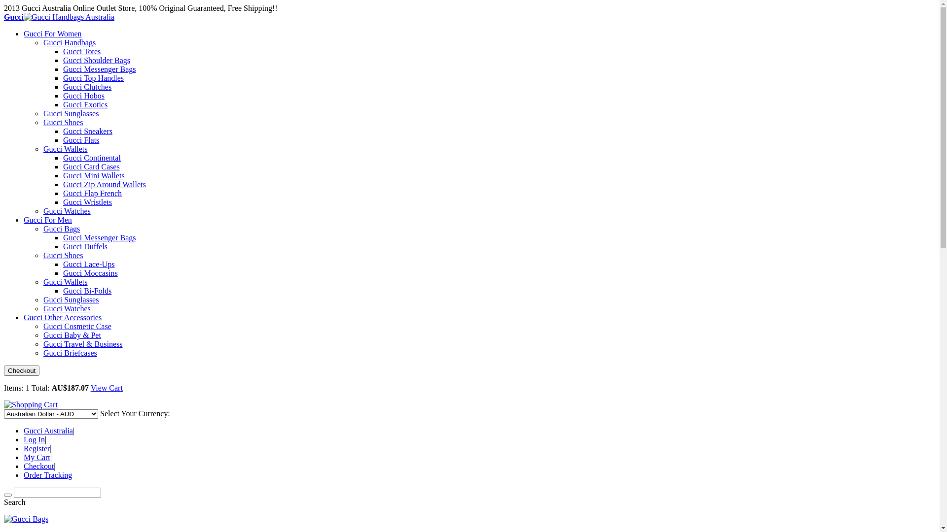 This screenshot has width=947, height=532. Describe the element at coordinates (82, 51) in the screenshot. I see `'Gucci Totes'` at that location.